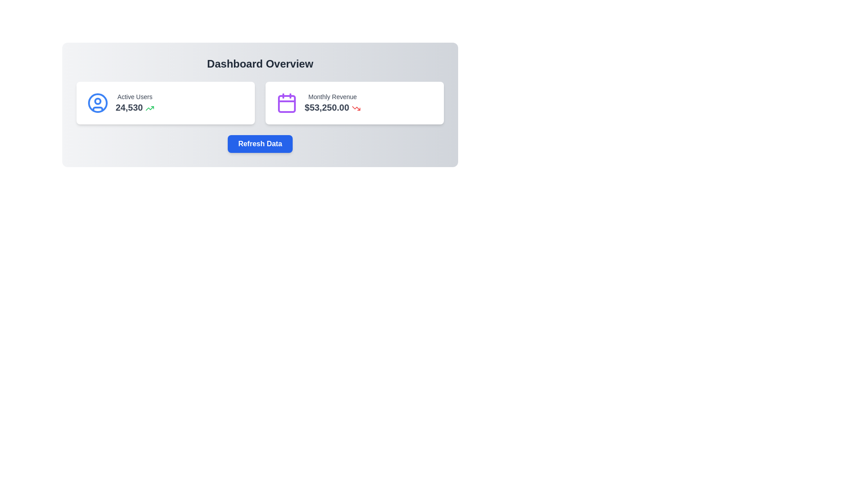 This screenshot has width=854, height=480. What do you see at coordinates (98, 102) in the screenshot?
I see `the blue circular user icon` at bounding box center [98, 102].